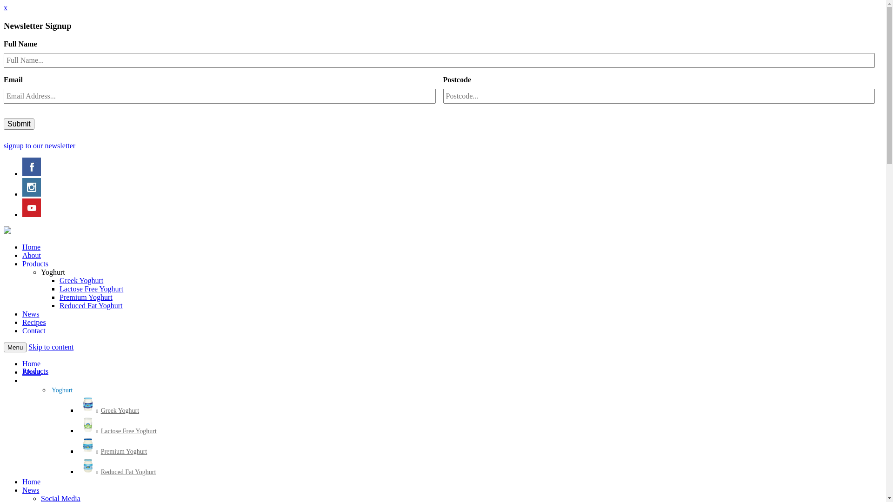 The width and height of the screenshot is (893, 502). I want to click on 'About', so click(31, 255).